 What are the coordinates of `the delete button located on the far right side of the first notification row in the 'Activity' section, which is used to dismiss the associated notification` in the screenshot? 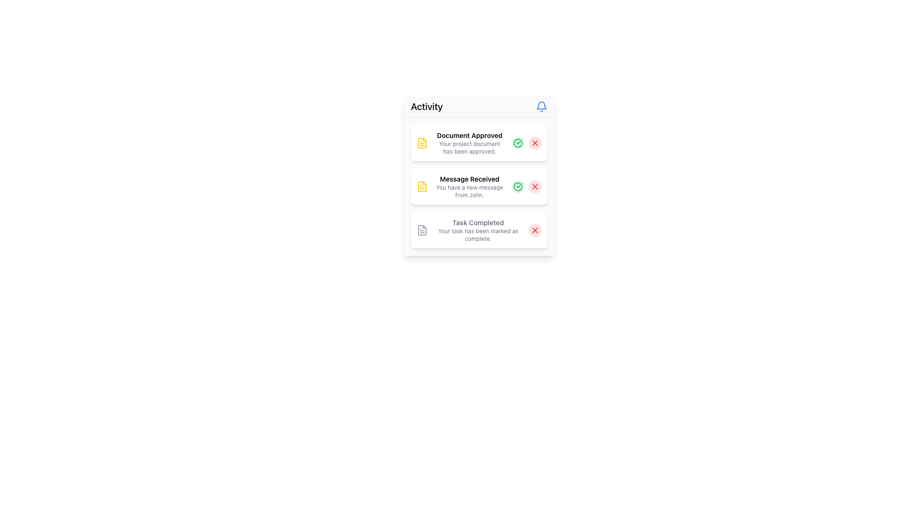 It's located at (535, 143).